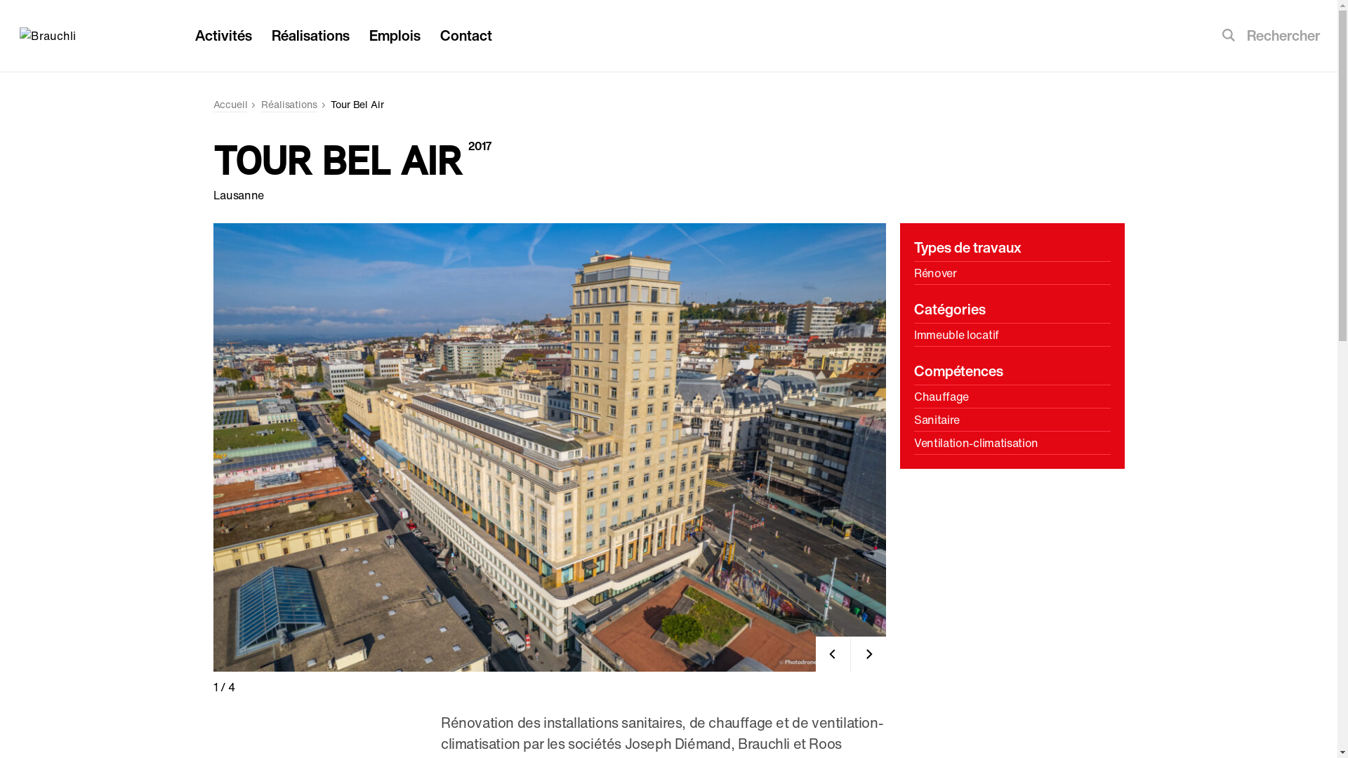 This screenshot has width=1348, height=758. I want to click on 'Contact', so click(440, 34).